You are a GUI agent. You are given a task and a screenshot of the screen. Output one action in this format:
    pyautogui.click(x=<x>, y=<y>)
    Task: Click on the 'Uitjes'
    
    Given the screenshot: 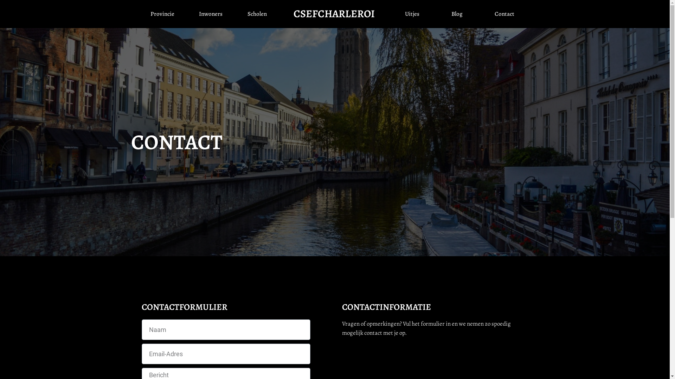 What is the action you would take?
    pyautogui.click(x=412, y=14)
    